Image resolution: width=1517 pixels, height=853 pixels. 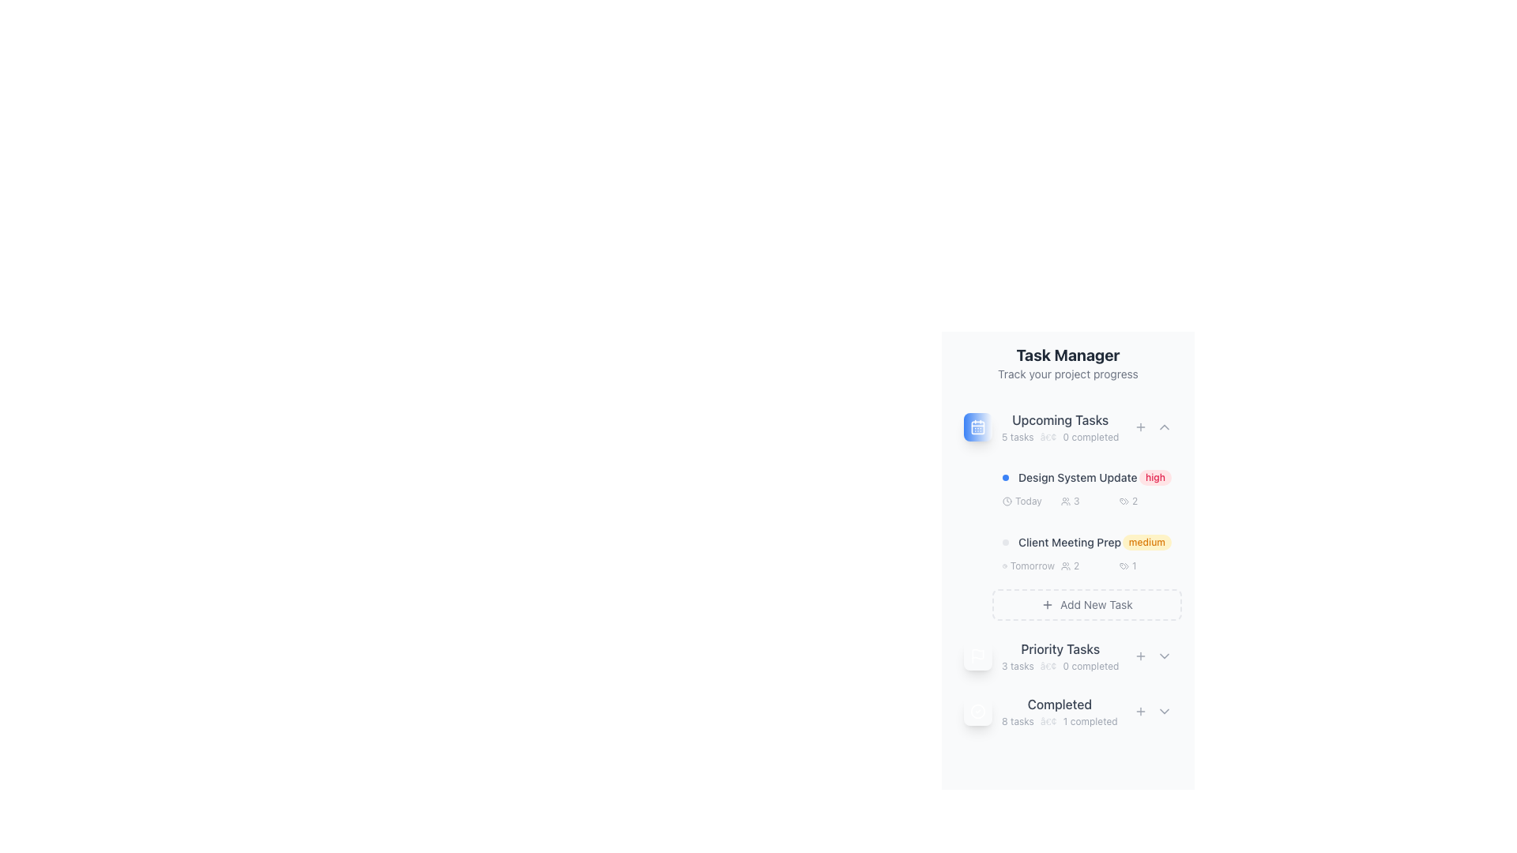 I want to click on displayed information in the Information summary section located under the 'Design System Update' entry in the 'Upcoming Tasks' section of the Task Manager interface, so click(x=1086, y=502).